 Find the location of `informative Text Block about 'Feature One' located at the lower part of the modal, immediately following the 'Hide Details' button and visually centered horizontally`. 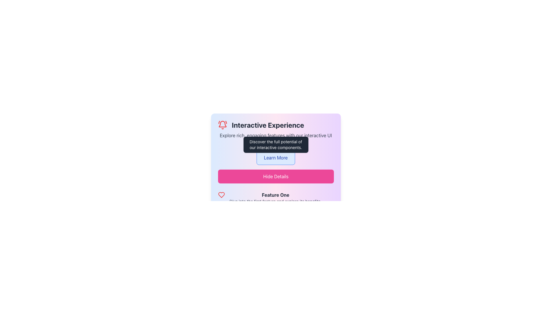

informative Text Block about 'Feature One' located at the lower part of the modal, immediately following the 'Hide Details' button and visually centered horizontally is located at coordinates (275, 198).